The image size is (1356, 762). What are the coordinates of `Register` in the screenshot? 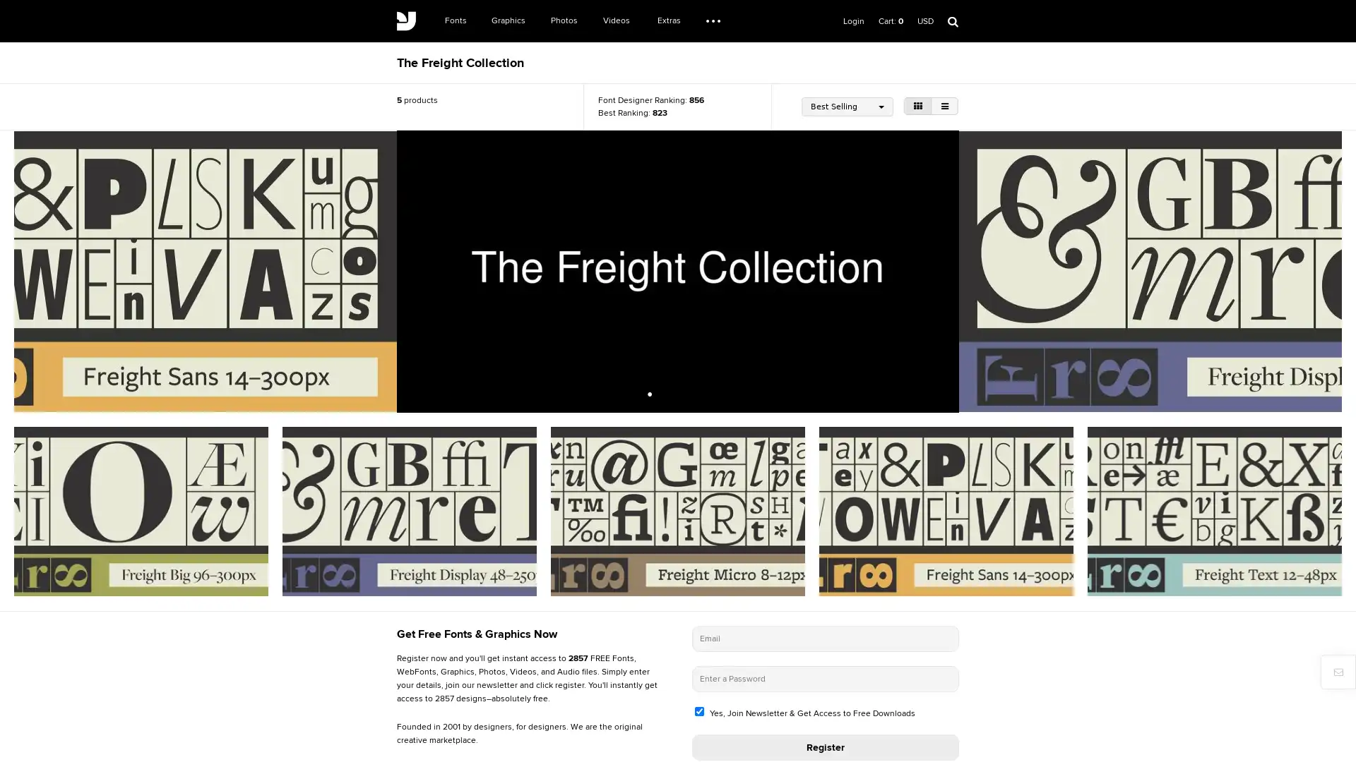 It's located at (826, 746).